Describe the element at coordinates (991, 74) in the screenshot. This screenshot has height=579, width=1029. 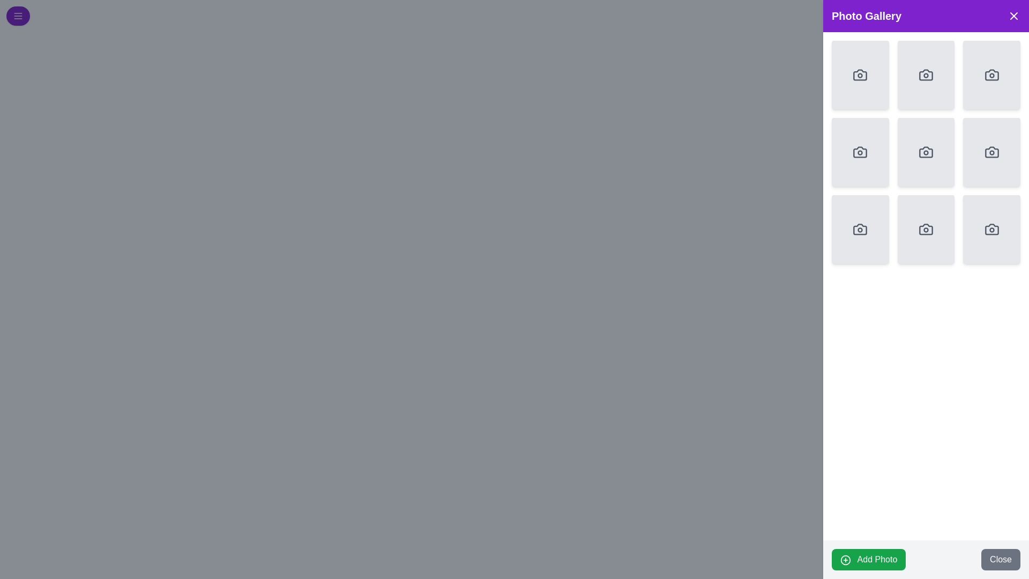
I see `the photo upload icon located in the top-right box of the photo gallery grid` at that location.